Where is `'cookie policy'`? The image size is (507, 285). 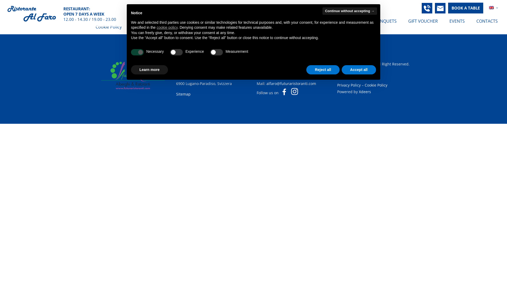
'cookie policy' is located at coordinates (167, 27).